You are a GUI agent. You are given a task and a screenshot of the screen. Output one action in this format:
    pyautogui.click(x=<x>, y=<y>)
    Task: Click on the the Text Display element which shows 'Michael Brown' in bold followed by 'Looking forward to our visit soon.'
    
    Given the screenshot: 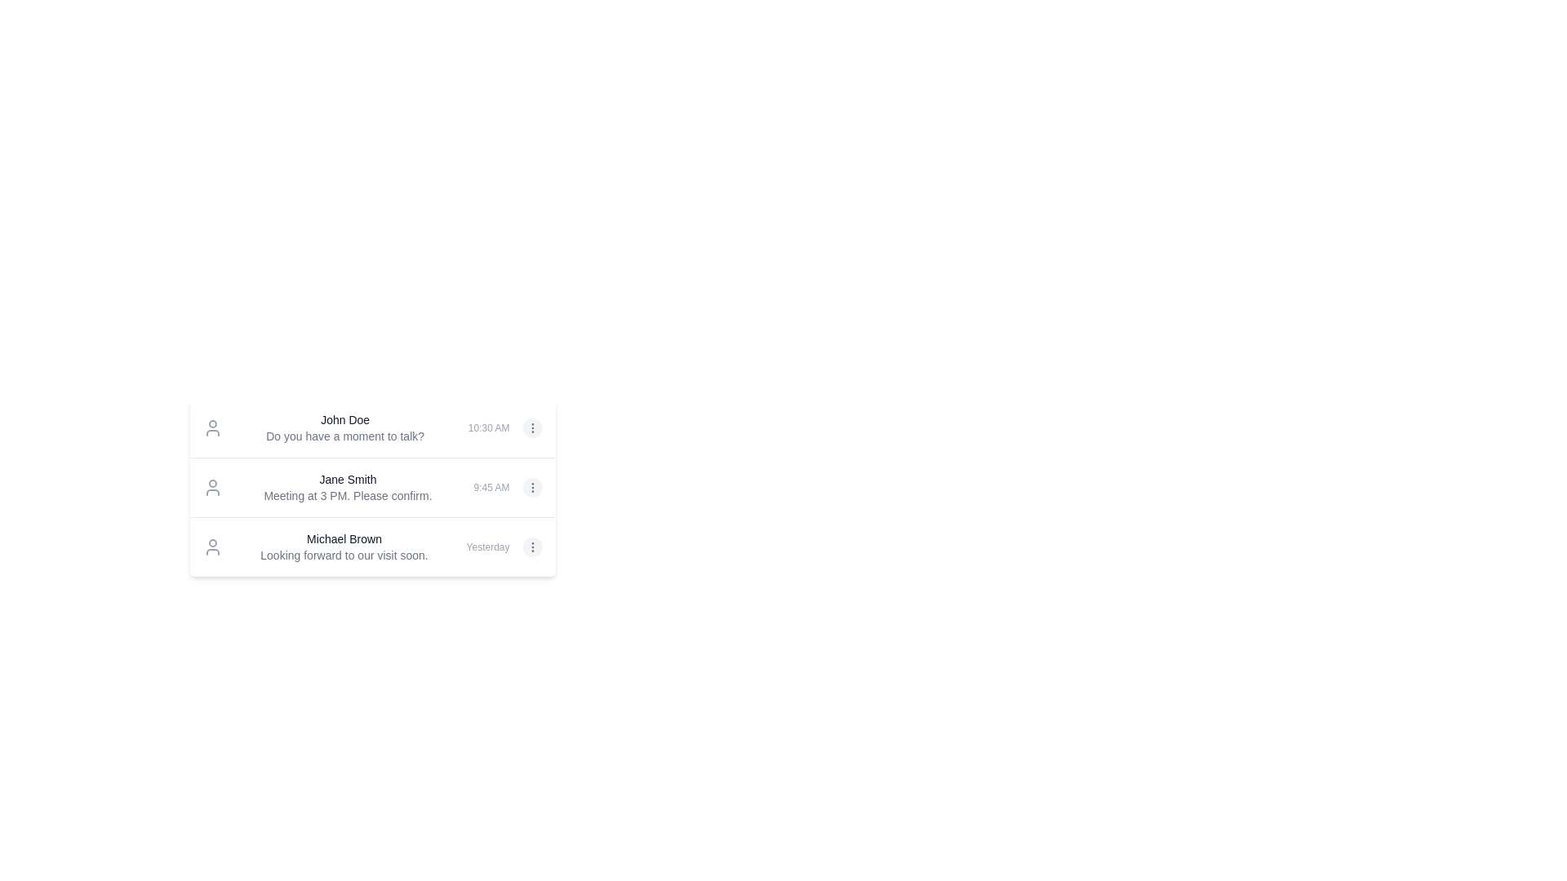 What is the action you would take?
    pyautogui.click(x=344, y=547)
    